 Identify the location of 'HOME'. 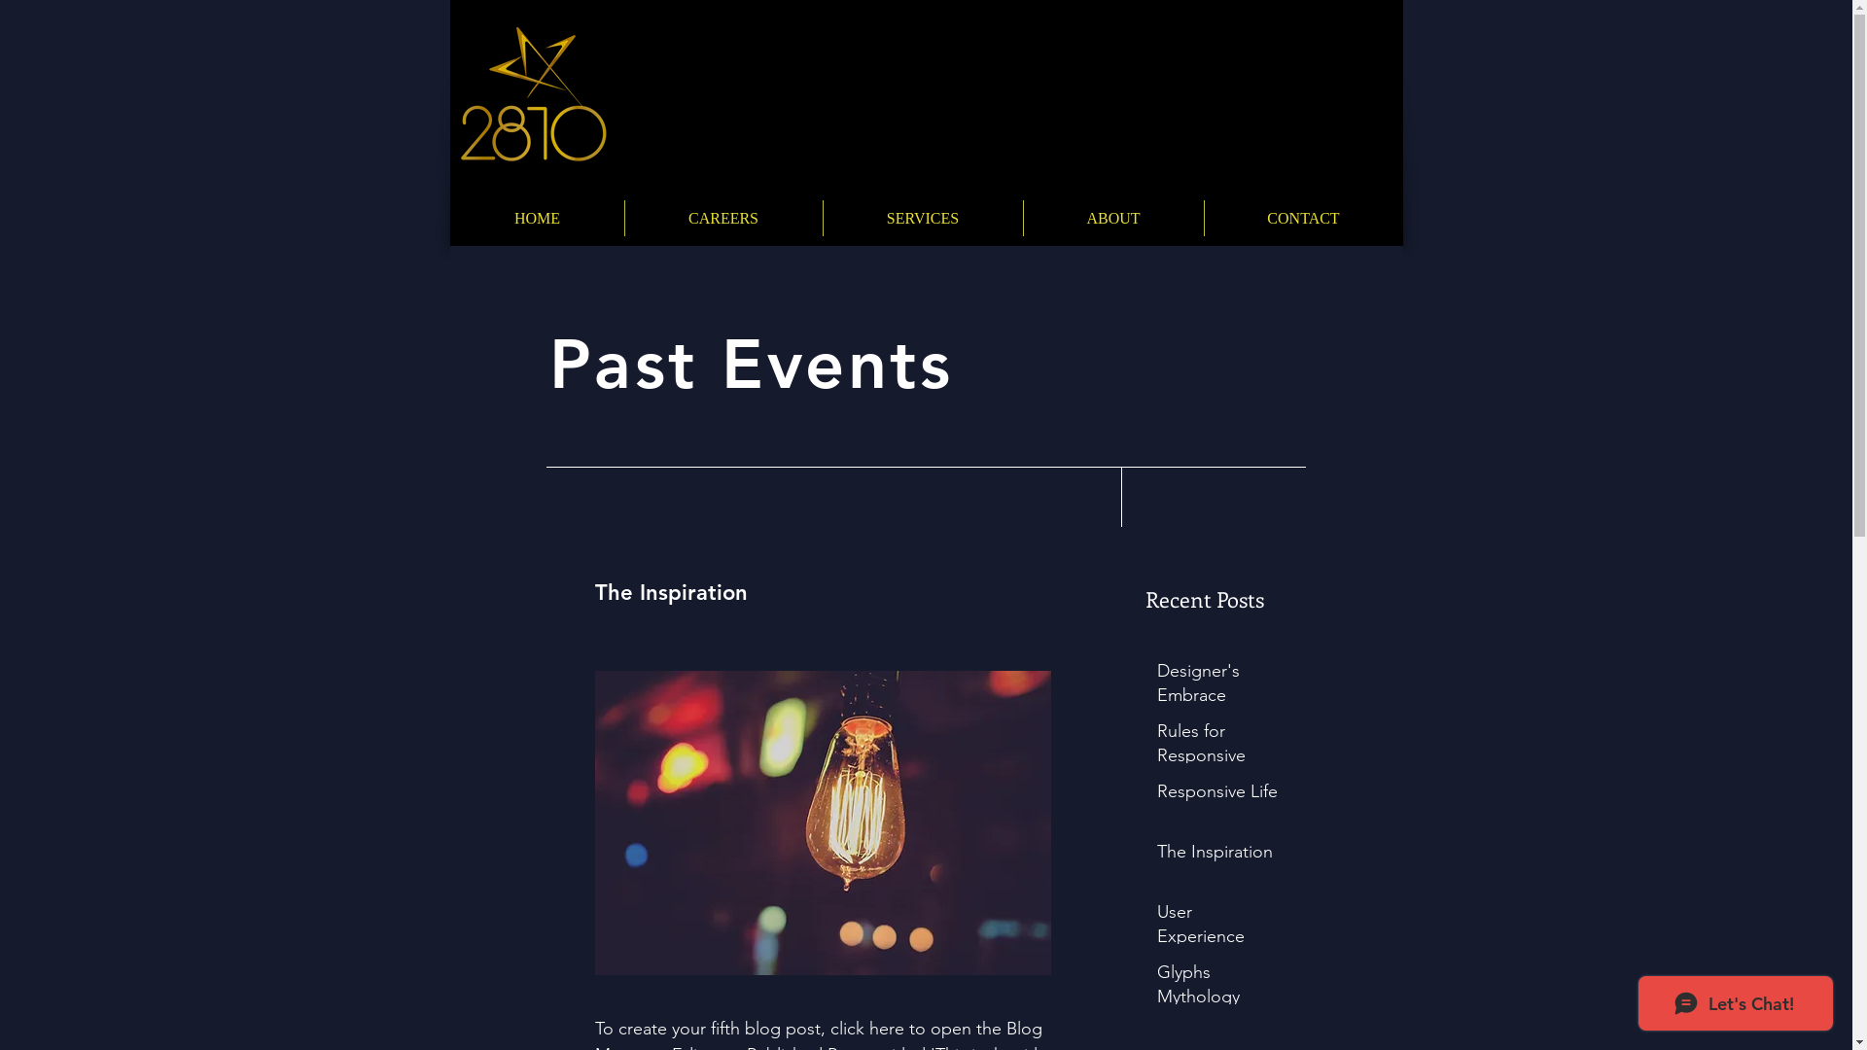
(537, 218).